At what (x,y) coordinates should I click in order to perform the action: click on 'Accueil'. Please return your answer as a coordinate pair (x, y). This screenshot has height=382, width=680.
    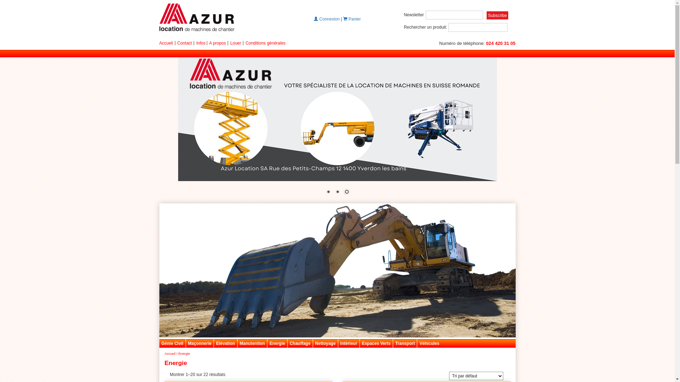
    Looking at the image, I should click on (169, 354).